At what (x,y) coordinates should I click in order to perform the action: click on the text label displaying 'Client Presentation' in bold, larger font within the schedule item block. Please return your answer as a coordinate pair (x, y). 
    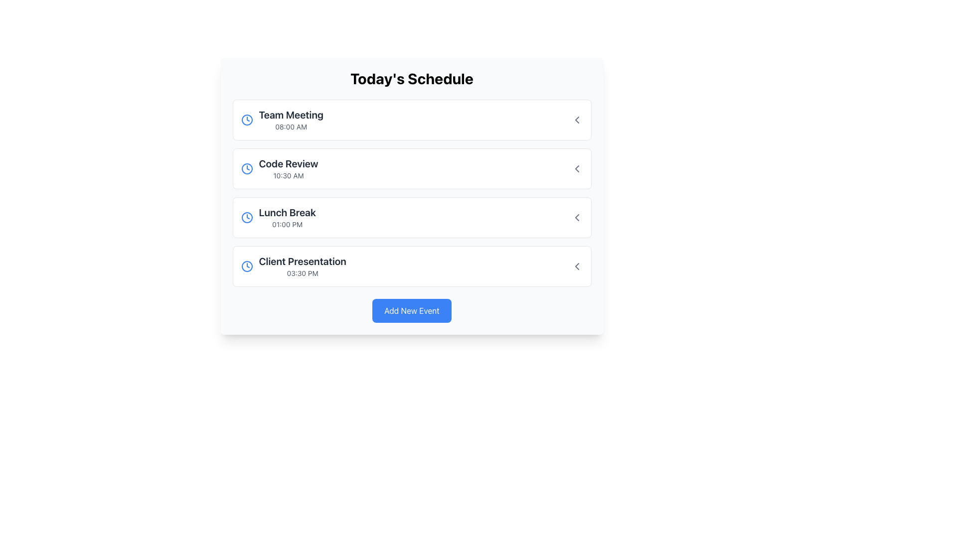
    Looking at the image, I should click on (302, 261).